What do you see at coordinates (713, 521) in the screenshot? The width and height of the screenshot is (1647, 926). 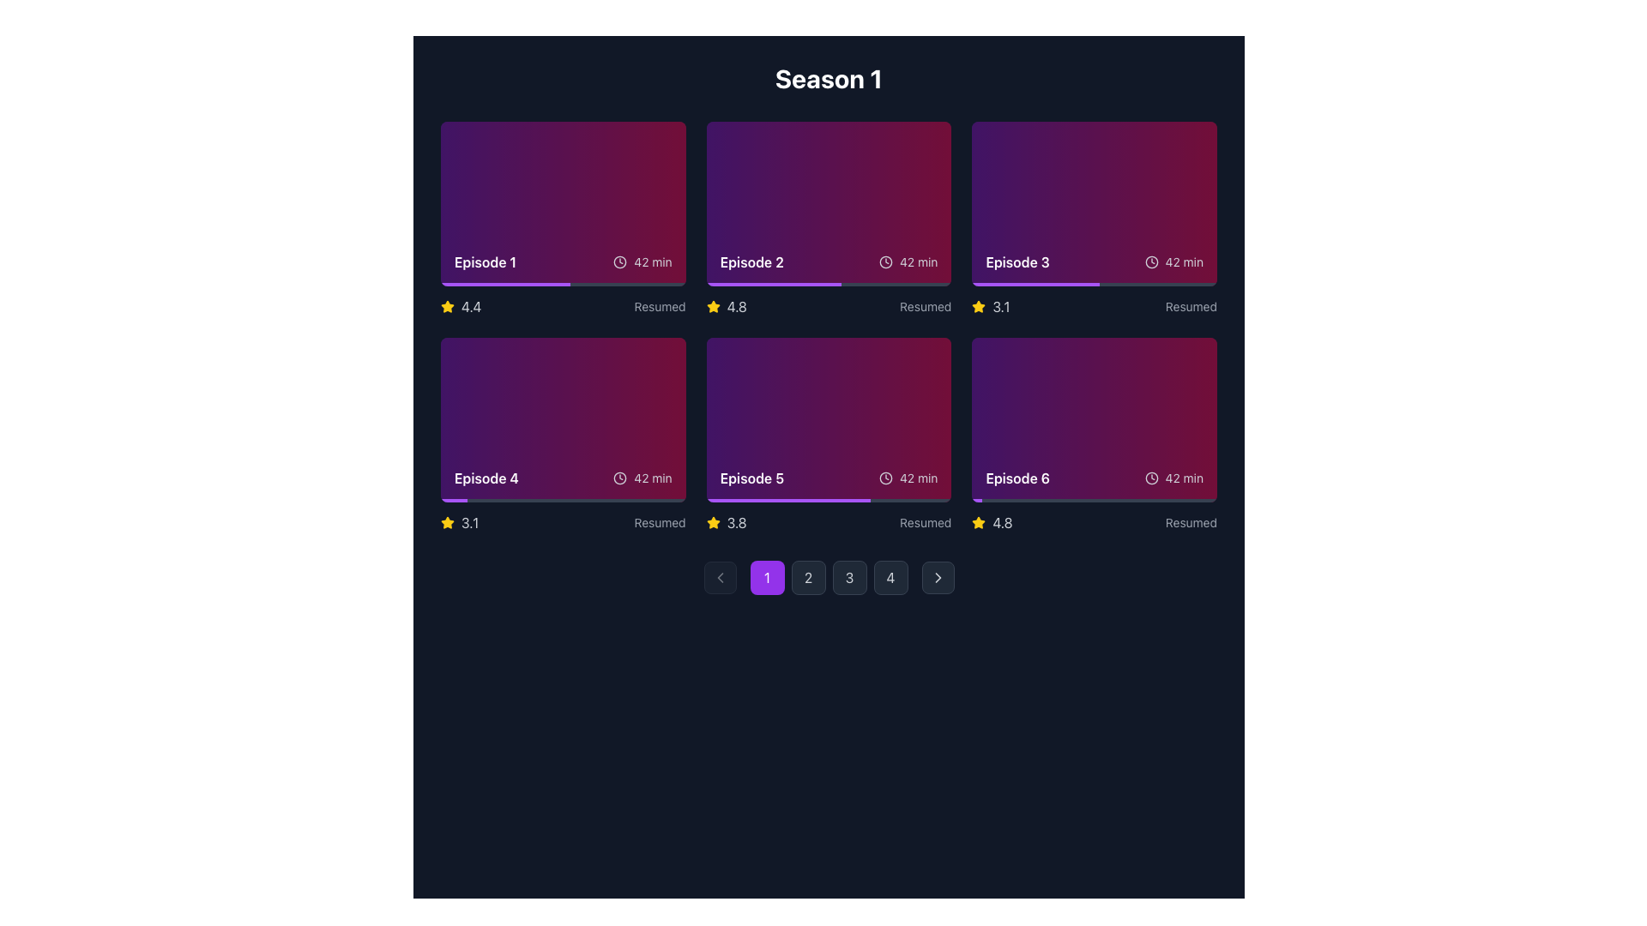 I see `the filled star icon that signifies a rating, which is positioned to the left of the text '3.8' for 'Episode 5'` at bounding box center [713, 521].